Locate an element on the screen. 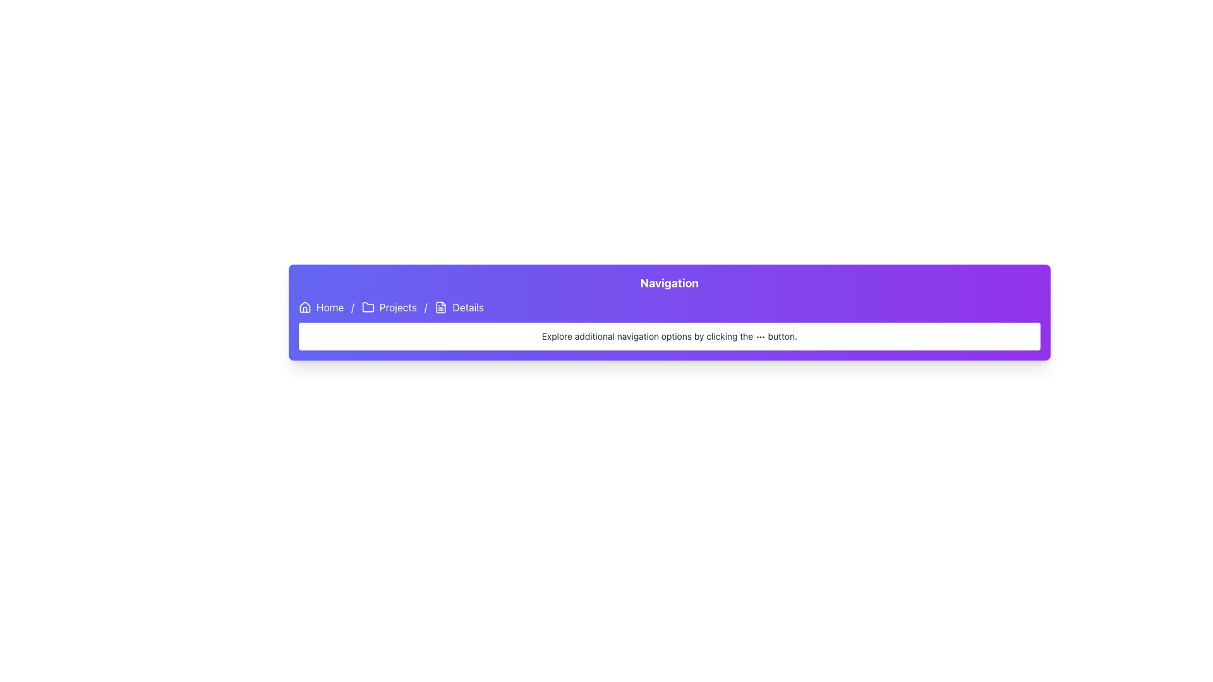 The height and width of the screenshot is (682, 1213). the 'Home' icon in the breadcrumb navigation bar is located at coordinates (305, 307).